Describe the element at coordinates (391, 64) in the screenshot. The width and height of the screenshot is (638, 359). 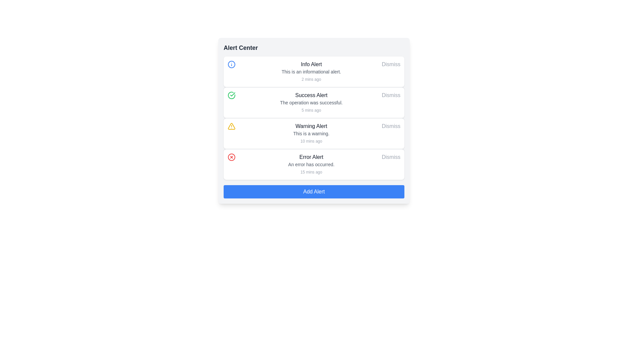
I see `the Button styled as an inline text link located in the top-right corner of the alert card to change its color` at that location.